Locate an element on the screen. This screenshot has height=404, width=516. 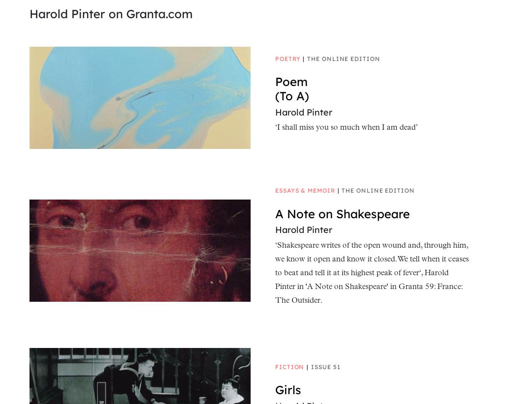
'Issue 51' is located at coordinates (325, 366).